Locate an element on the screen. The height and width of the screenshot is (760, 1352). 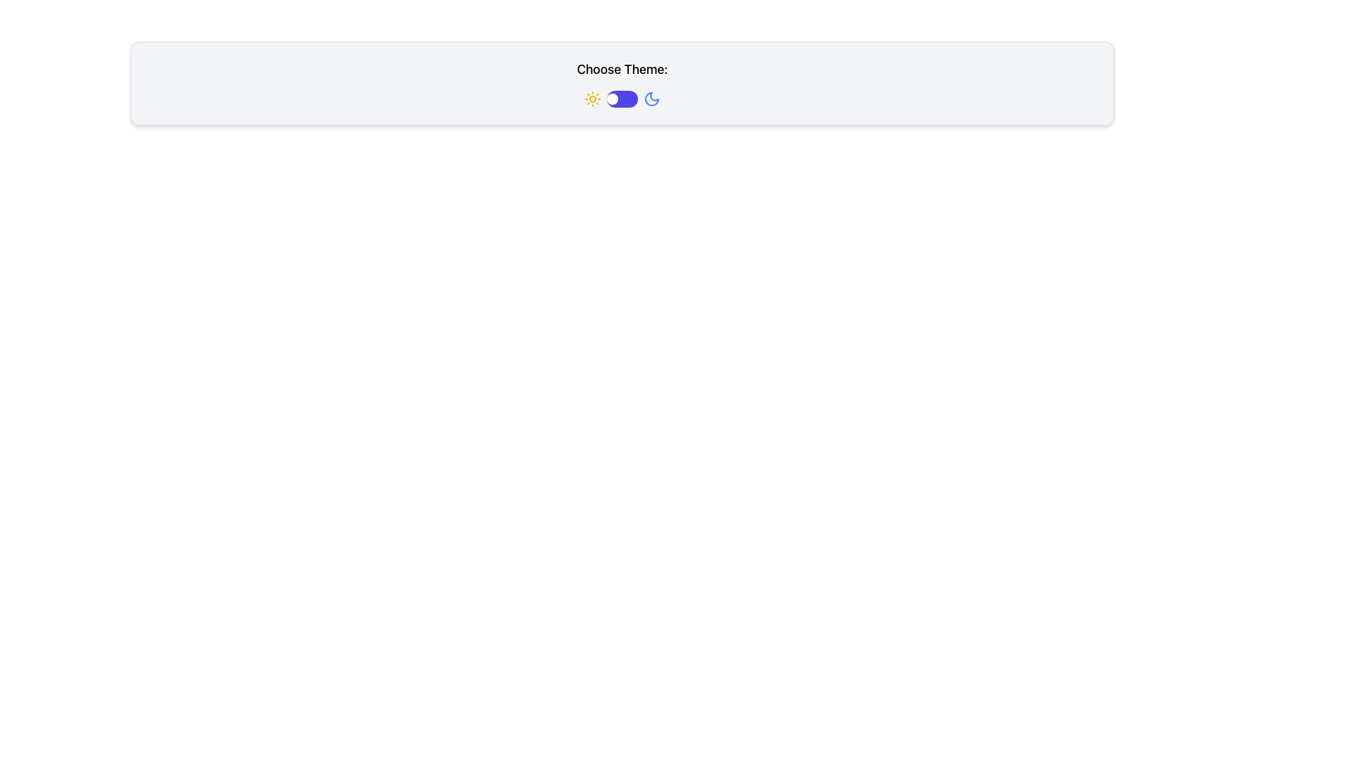
the toggle switch, which is a rounded rectangular shape with a blue background and a circular white knob indicating an 'on' state, to switch its state is located at coordinates (621, 99).